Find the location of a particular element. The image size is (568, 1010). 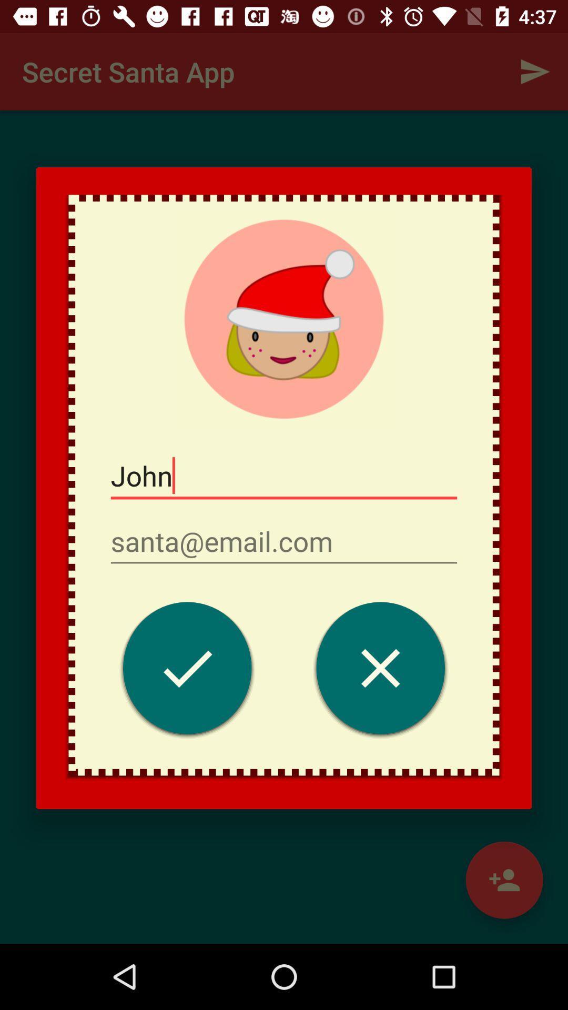

to cancel is located at coordinates (380, 670).